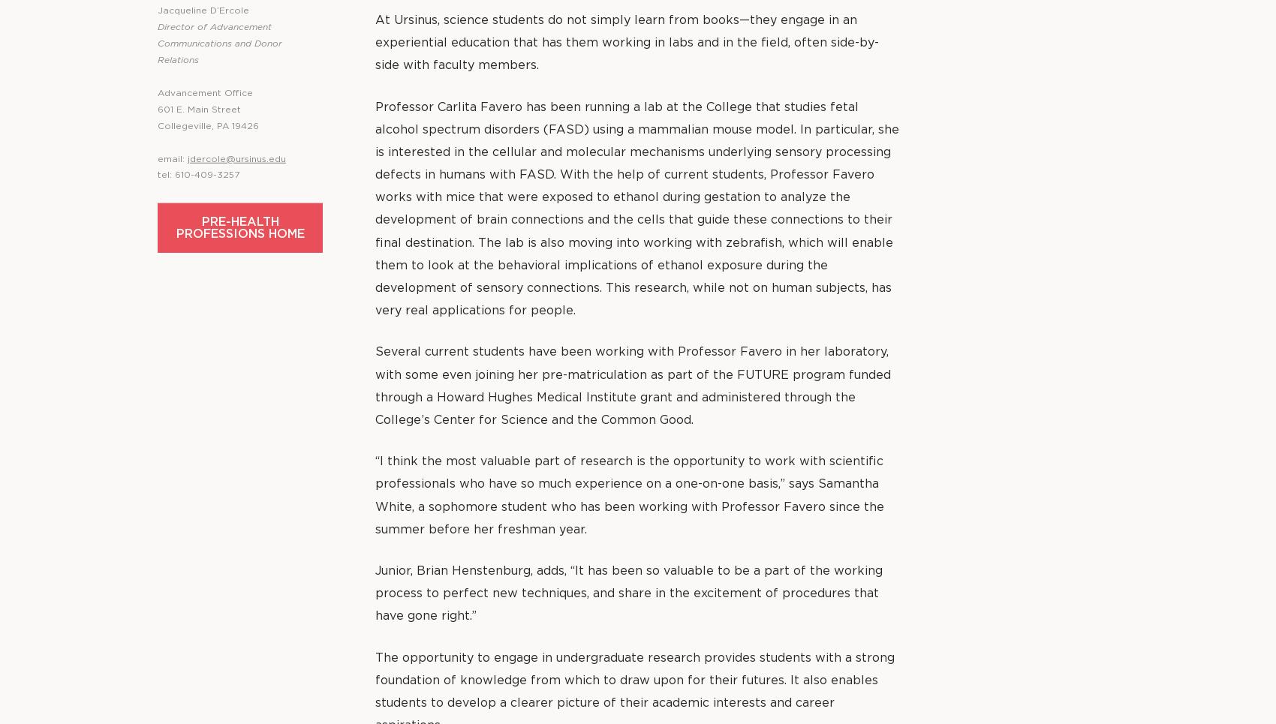  I want to click on 'jdercole@ursinus.edu', so click(236, 158).